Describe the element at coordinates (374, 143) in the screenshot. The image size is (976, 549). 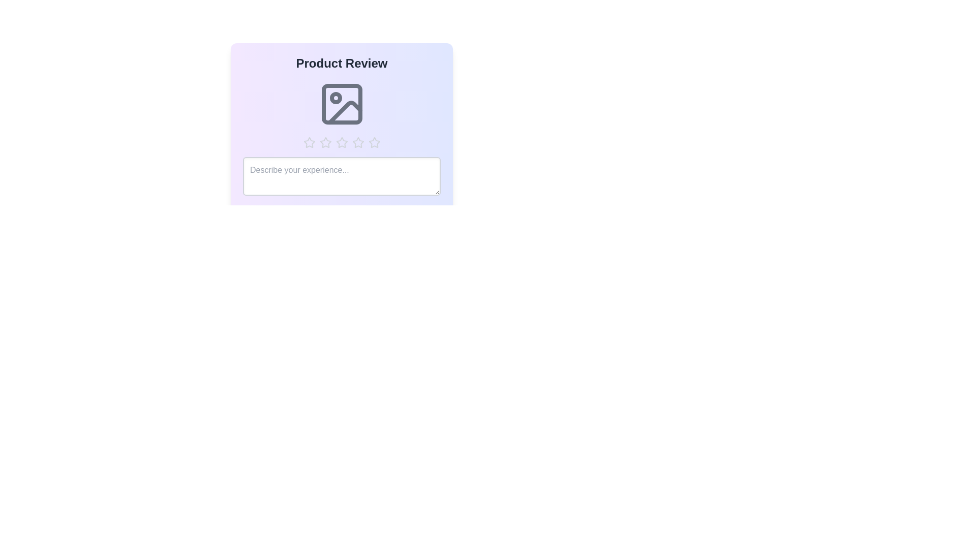
I see `the star corresponding to 5 stars to preview the rating` at that location.